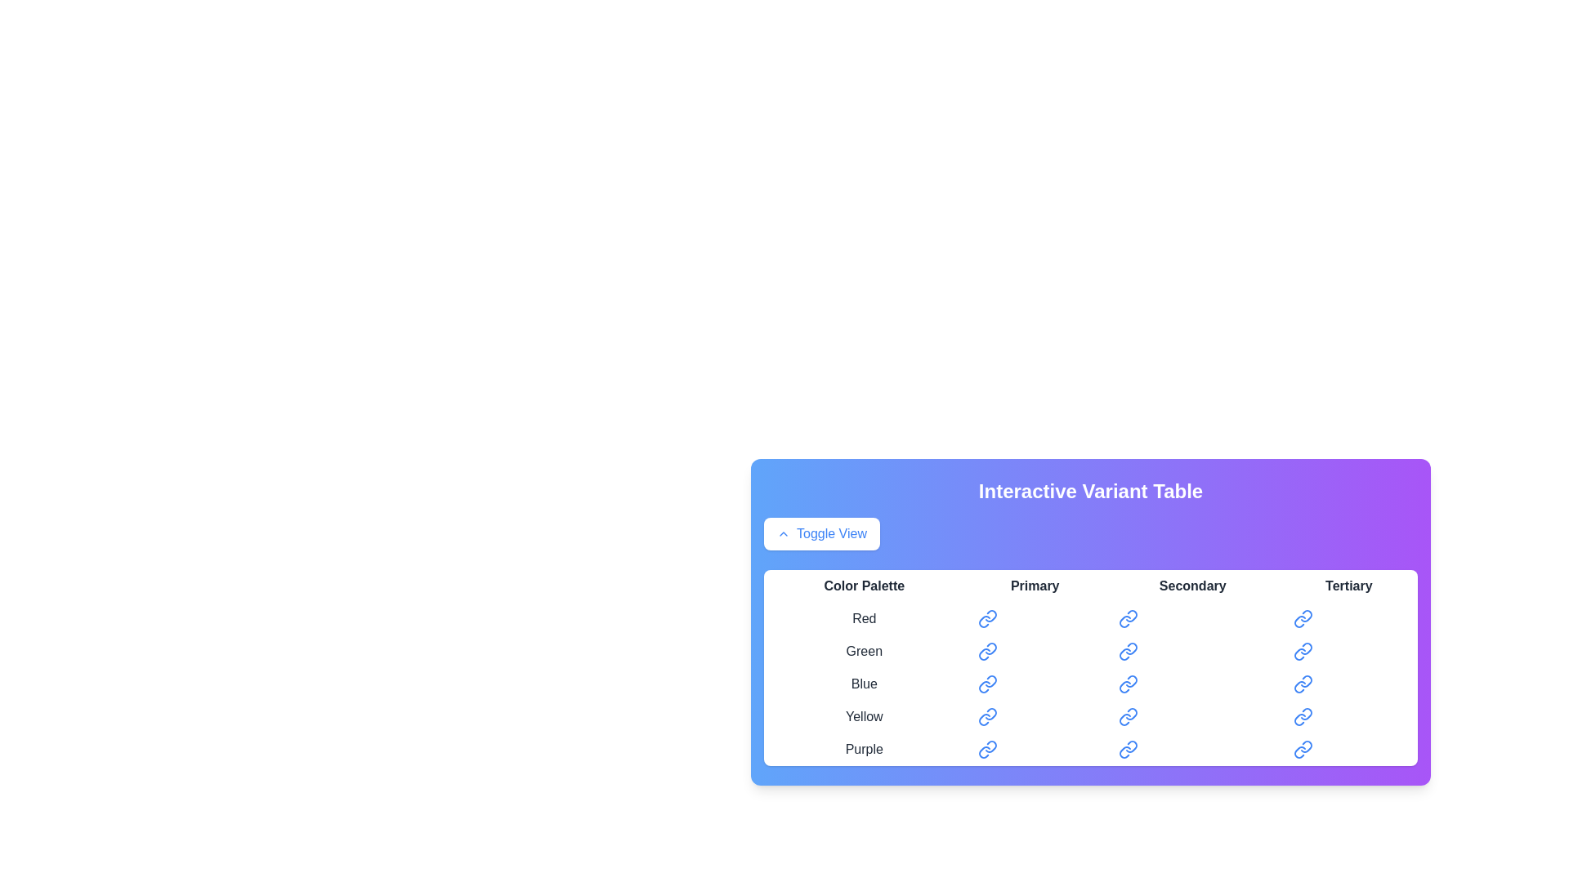 Image resolution: width=1569 pixels, height=882 pixels. Describe the element at coordinates (1348, 585) in the screenshot. I see `the 'Tertiary' label, which is the fourth label in a horizontal sequence within a gradient header bar` at that location.